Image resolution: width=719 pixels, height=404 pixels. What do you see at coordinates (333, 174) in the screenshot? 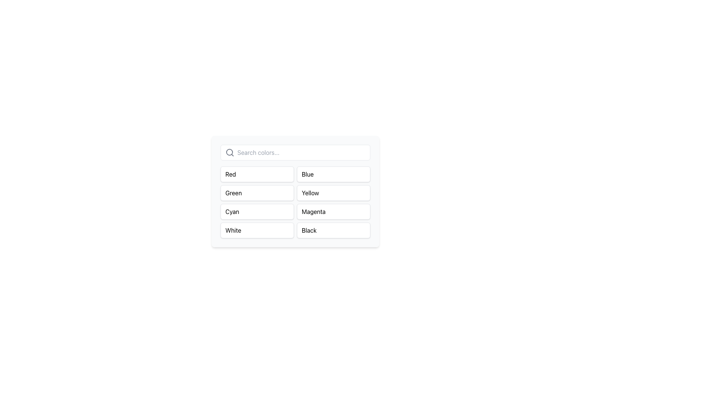
I see `the 'Blue' button located in the second column of the first row of the grid` at bounding box center [333, 174].